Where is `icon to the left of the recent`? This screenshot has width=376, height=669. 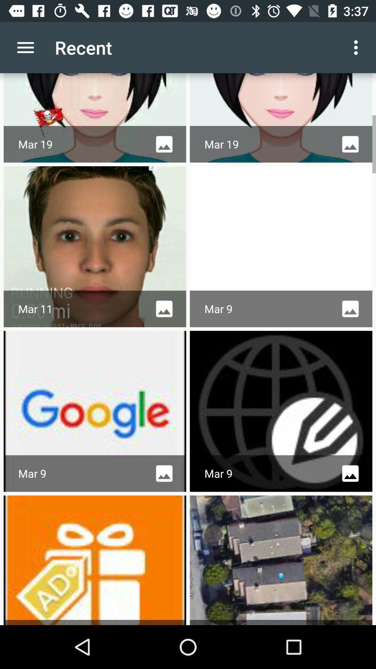
icon to the left of the recent is located at coordinates (25, 47).